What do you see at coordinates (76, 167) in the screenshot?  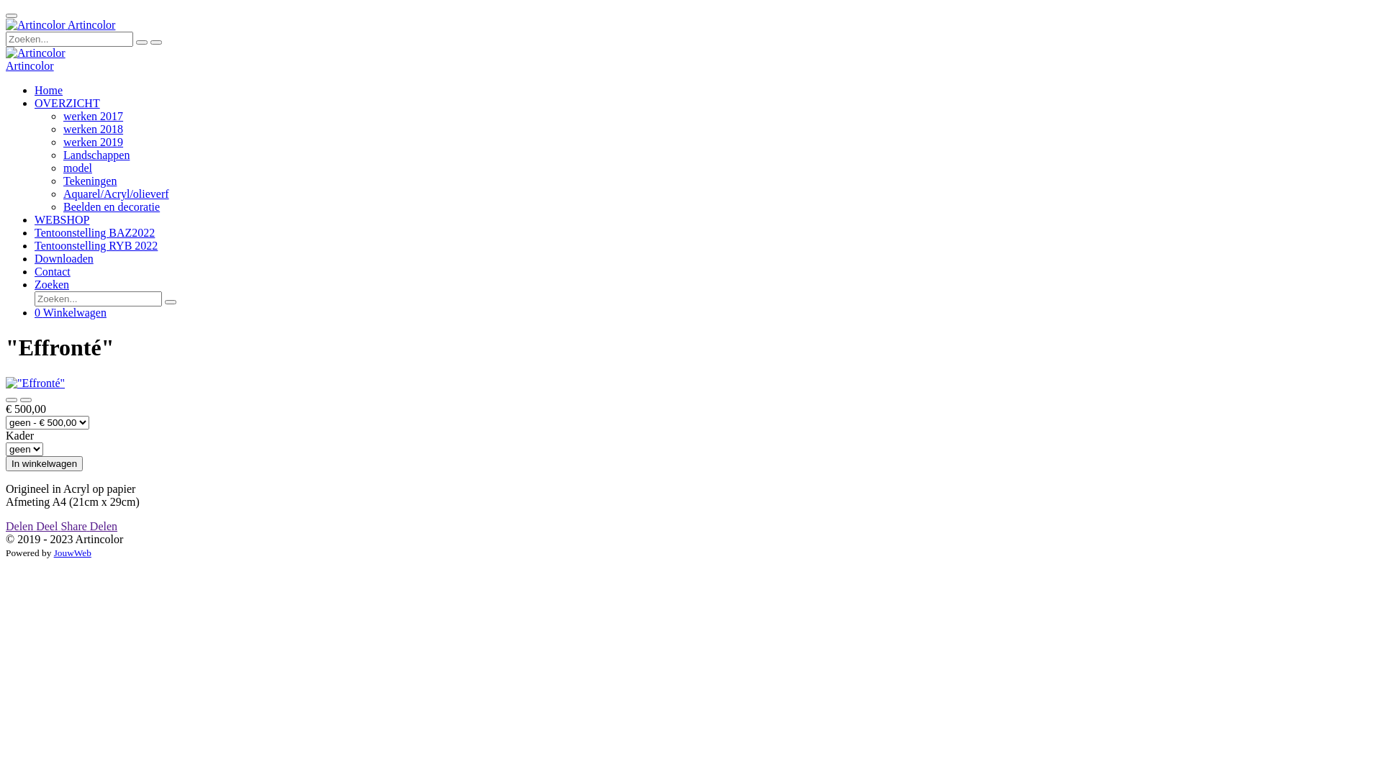 I see `'model'` at bounding box center [76, 167].